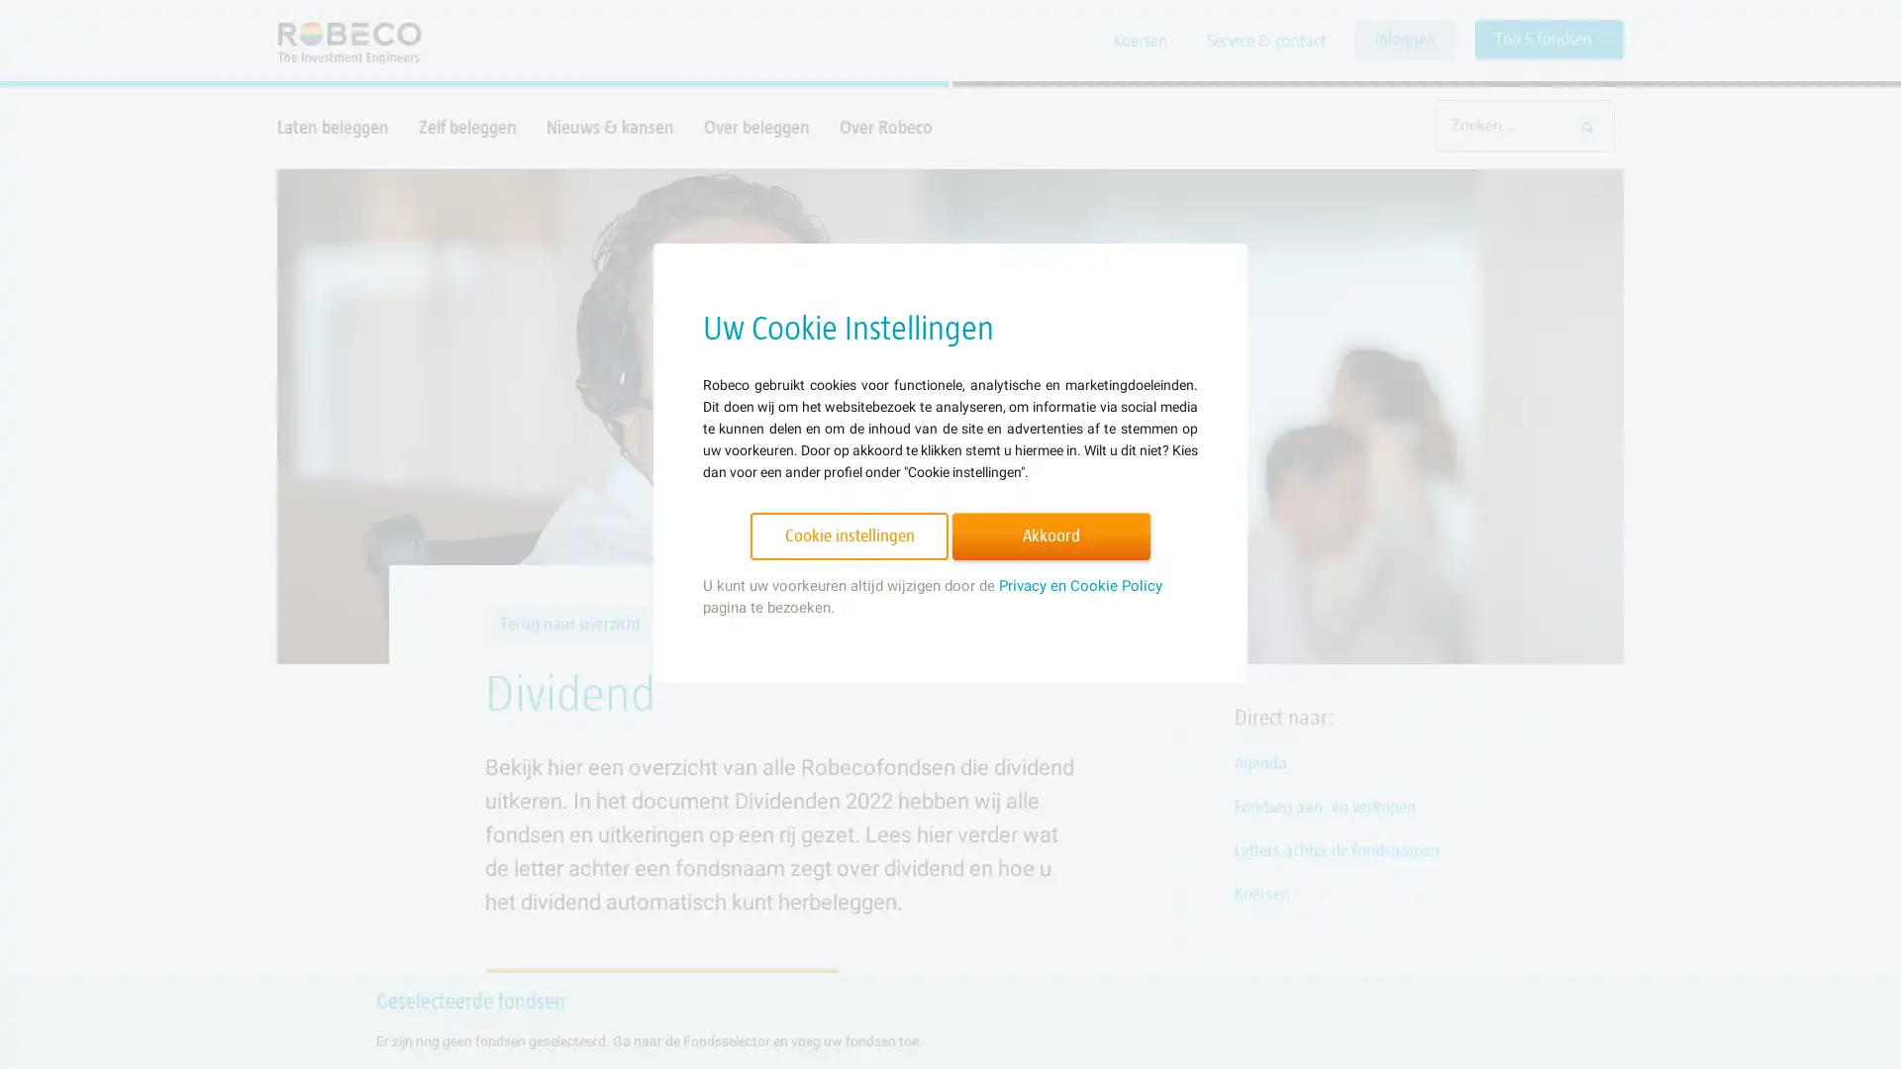 Image resolution: width=1901 pixels, height=1069 pixels. Describe the element at coordinates (333, 127) in the screenshot. I see `Laten beleggen` at that location.